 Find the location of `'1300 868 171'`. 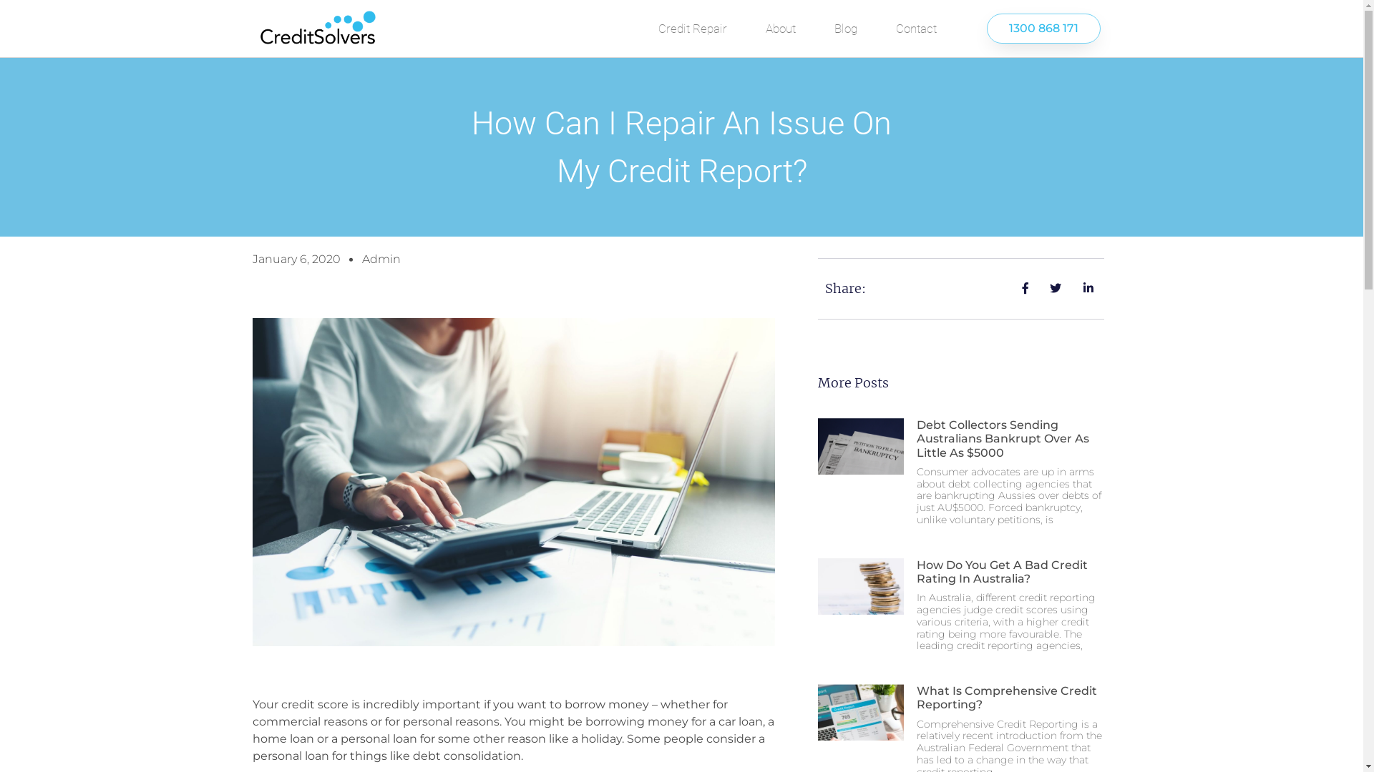

'1300 868 171' is located at coordinates (1043, 28).